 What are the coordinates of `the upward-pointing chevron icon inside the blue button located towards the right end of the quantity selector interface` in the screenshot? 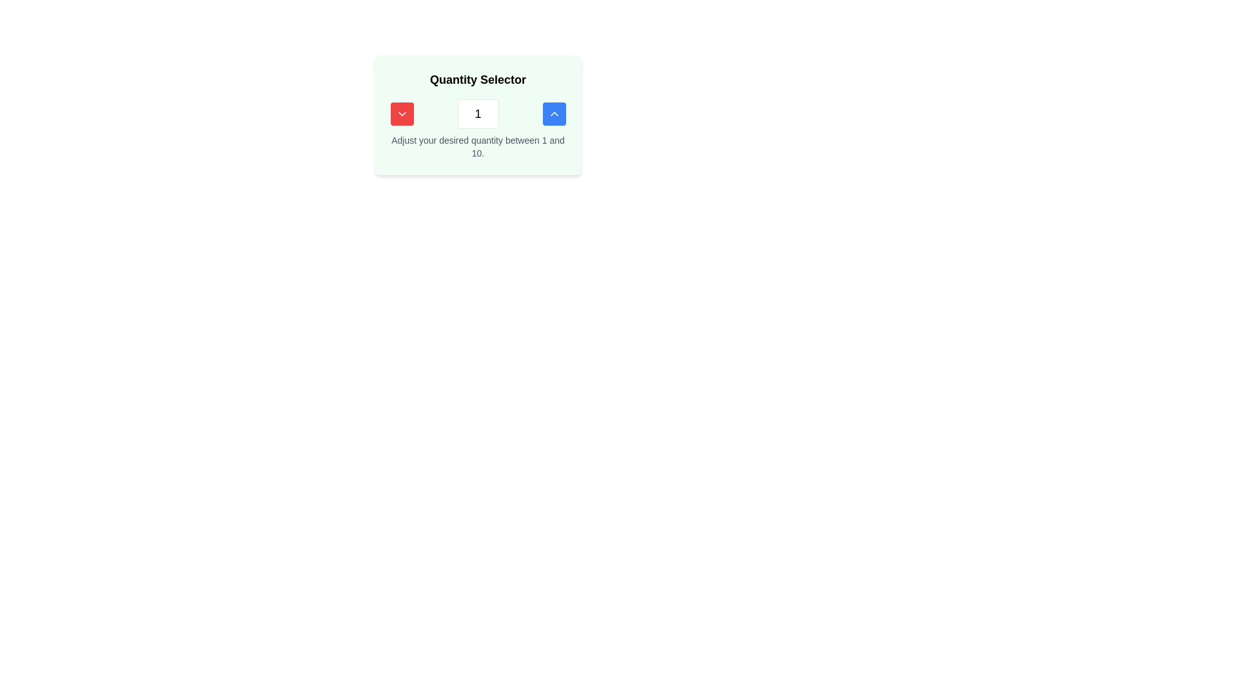 It's located at (554, 113).